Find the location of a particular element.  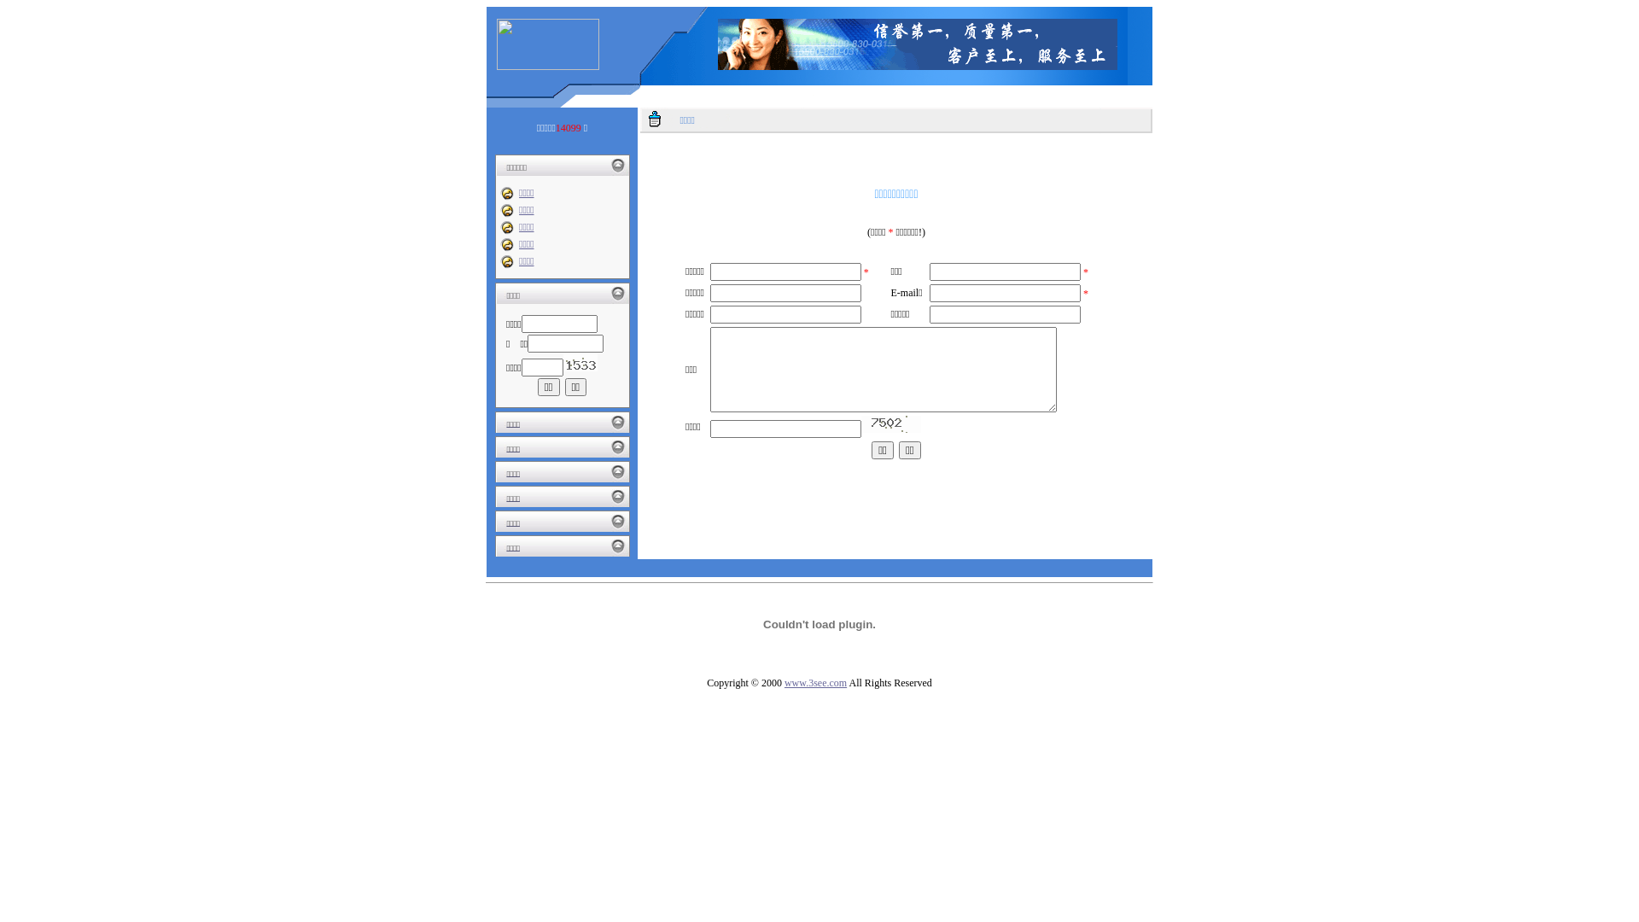

'www.3see.com' is located at coordinates (814, 681).